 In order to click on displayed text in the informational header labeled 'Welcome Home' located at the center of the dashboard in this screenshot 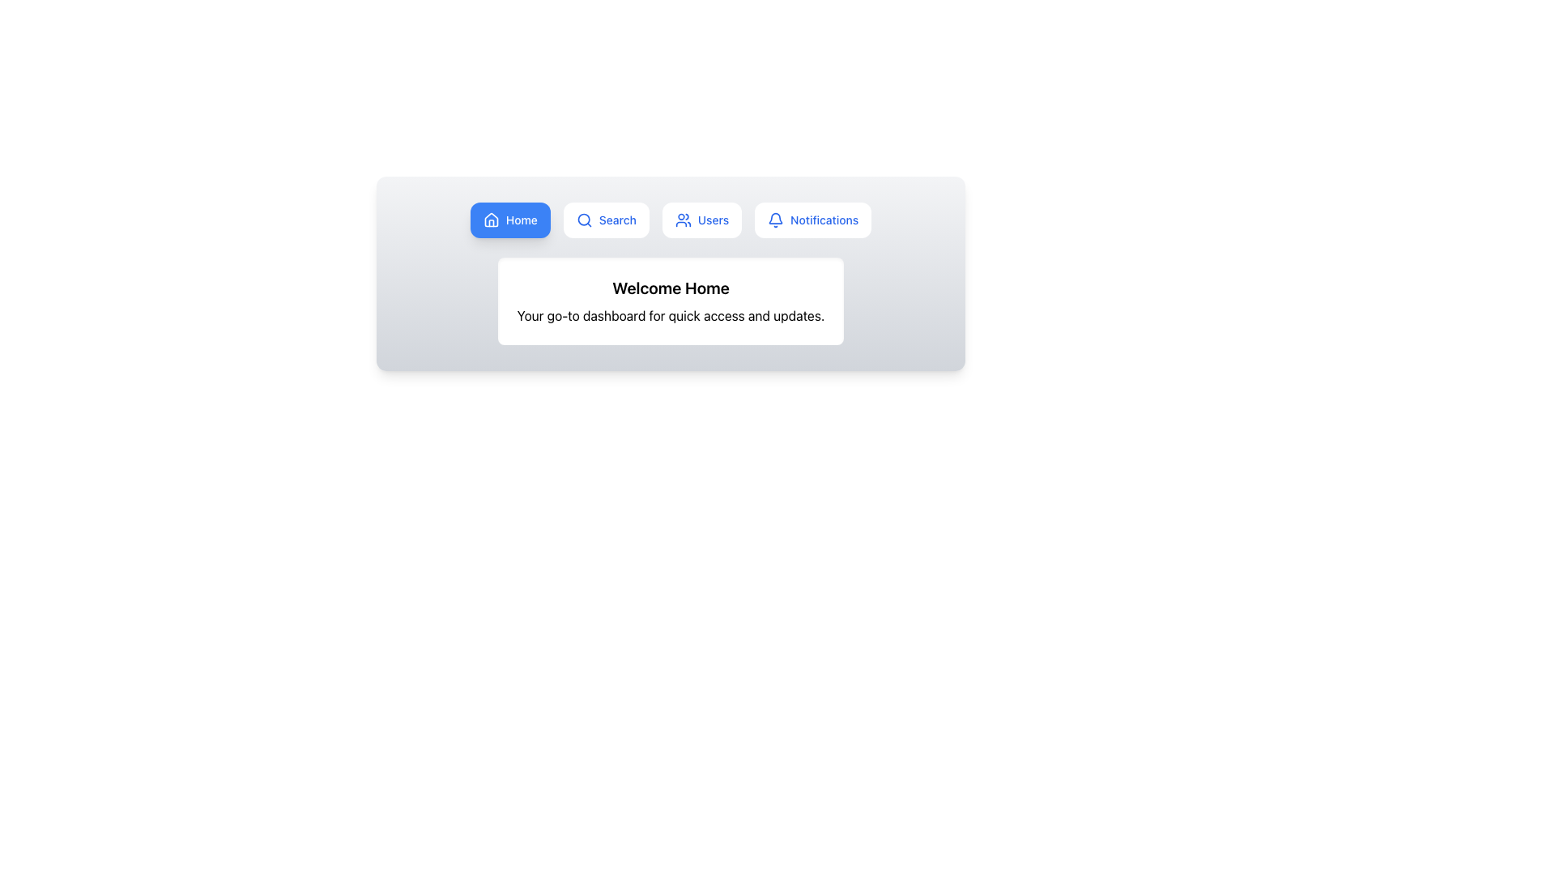, I will do `click(671, 301)`.